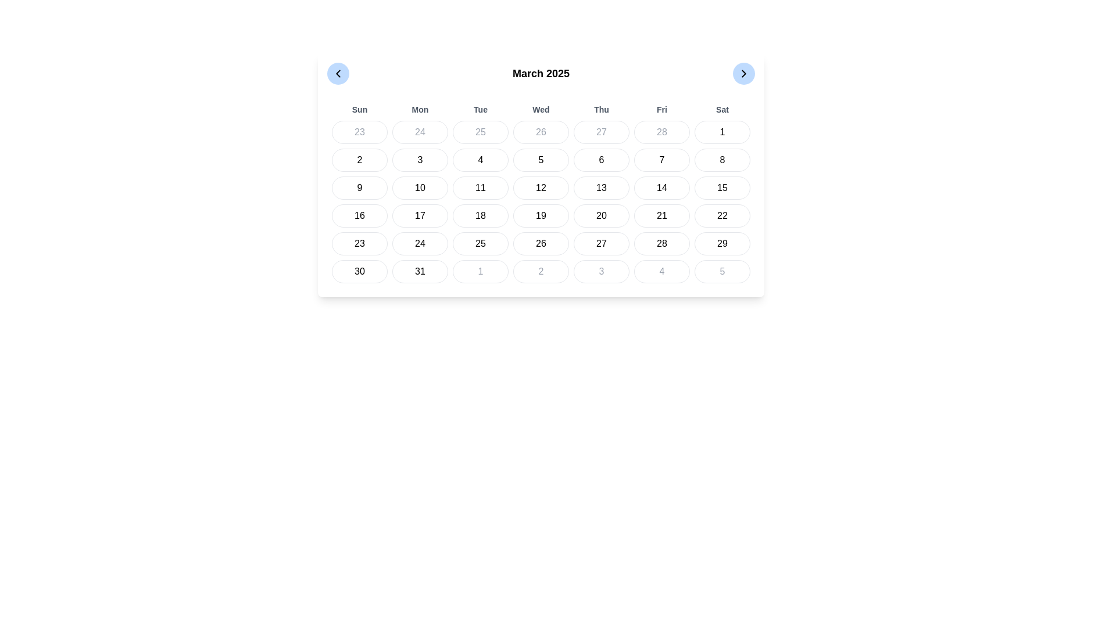  Describe the element at coordinates (480, 271) in the screenshot. I see `the inactive calendar date button representing the date '1' in the March 2025 calendar grid` at that location.